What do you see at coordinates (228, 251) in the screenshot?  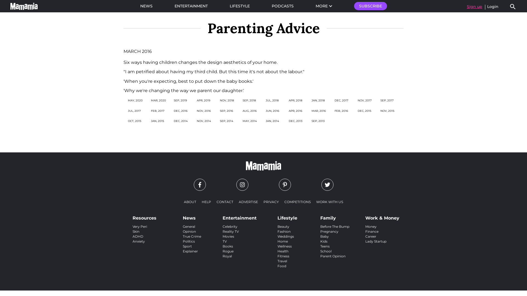 I see `'Rogue'` at bounding box center [228, 251].